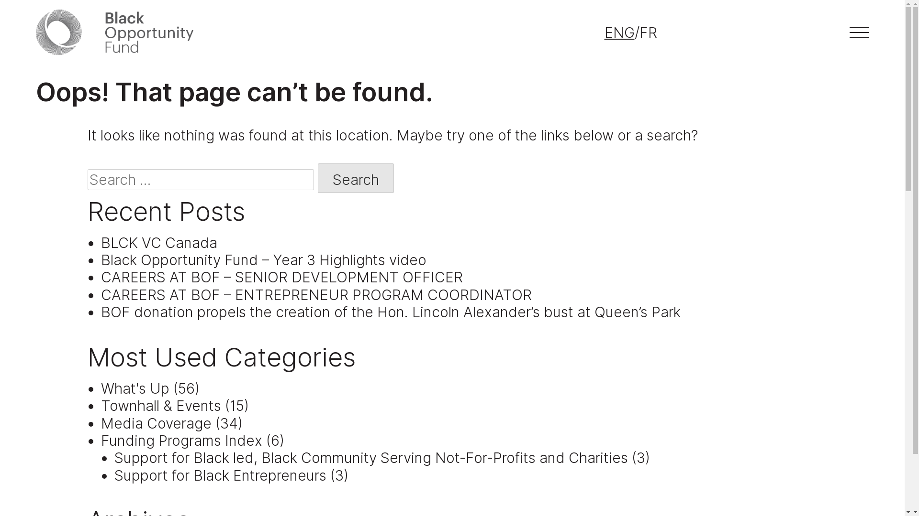 Image resolution: width=919 pixels, height=516 pixels. I want to click on 'Townhall & Events', so click(161, 405).